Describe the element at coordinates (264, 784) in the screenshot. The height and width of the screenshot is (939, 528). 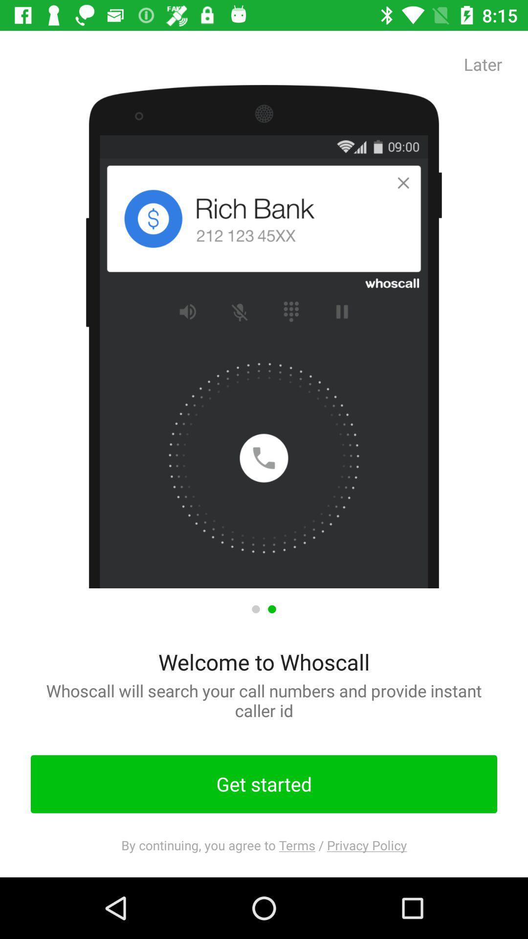
I see `get started` at that location.